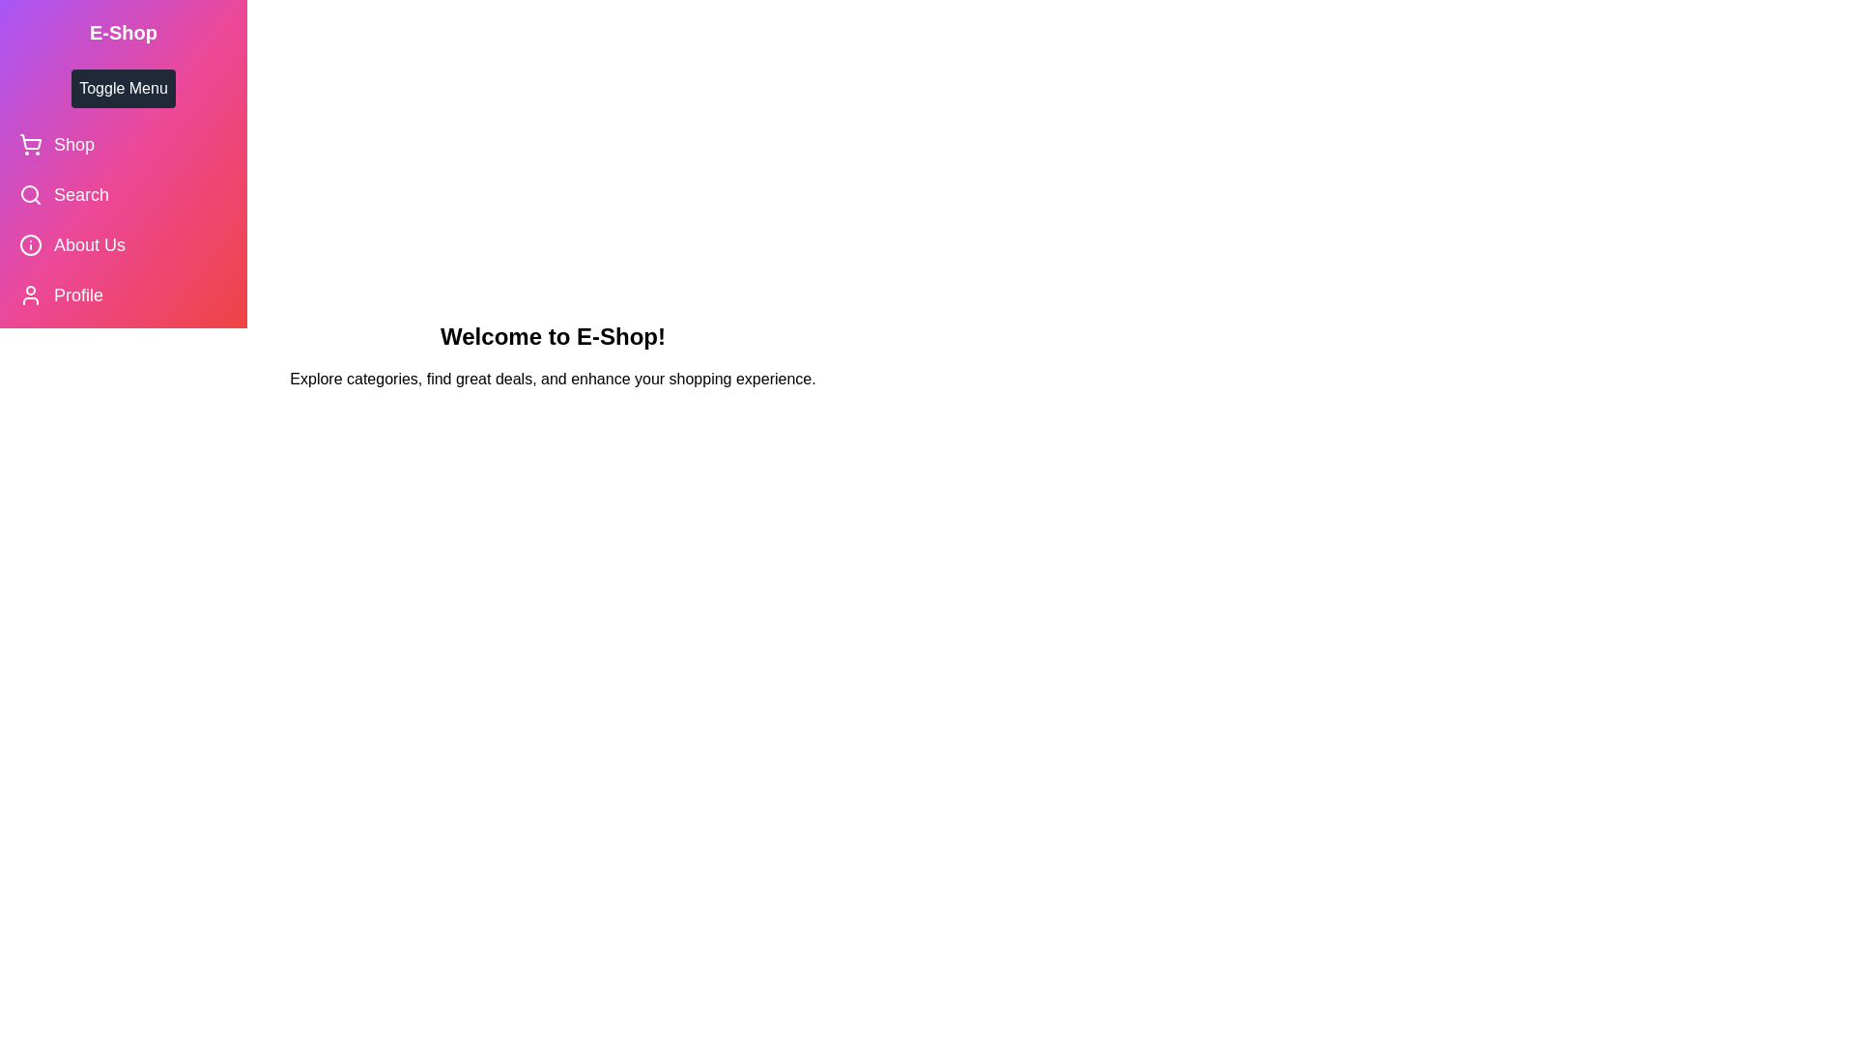 Image resolution: width=1855 pixels, height=1043 pixels. I want to click on the 'Profile' menu item, so click(123, 295).